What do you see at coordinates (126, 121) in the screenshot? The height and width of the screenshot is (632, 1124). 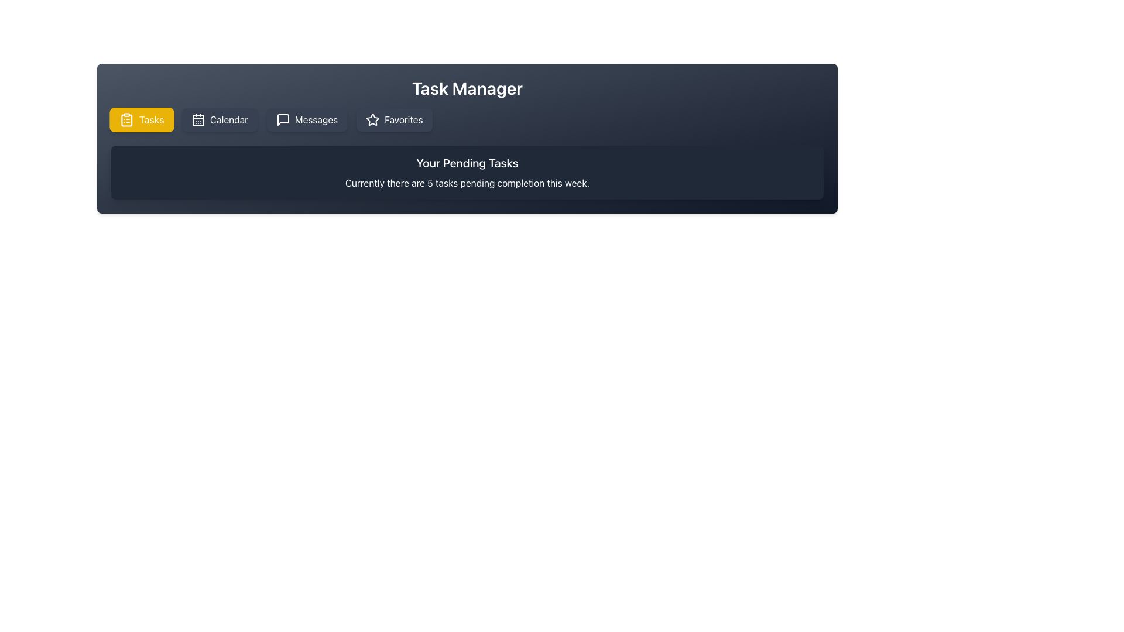 I see `the clipboard icon element` at bounding box center [126, 121].